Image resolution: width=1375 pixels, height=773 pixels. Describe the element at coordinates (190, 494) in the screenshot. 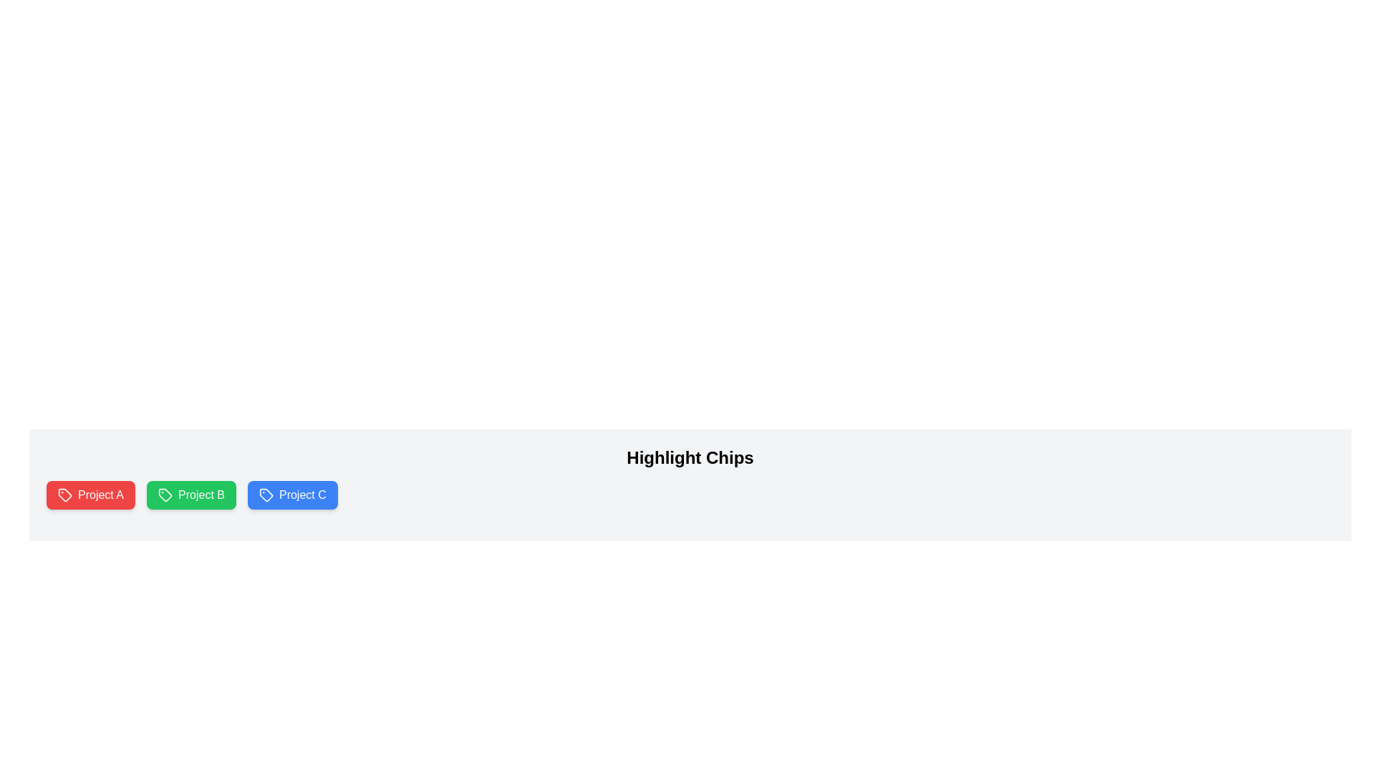

I see `the chip labeled Project B` at that location.